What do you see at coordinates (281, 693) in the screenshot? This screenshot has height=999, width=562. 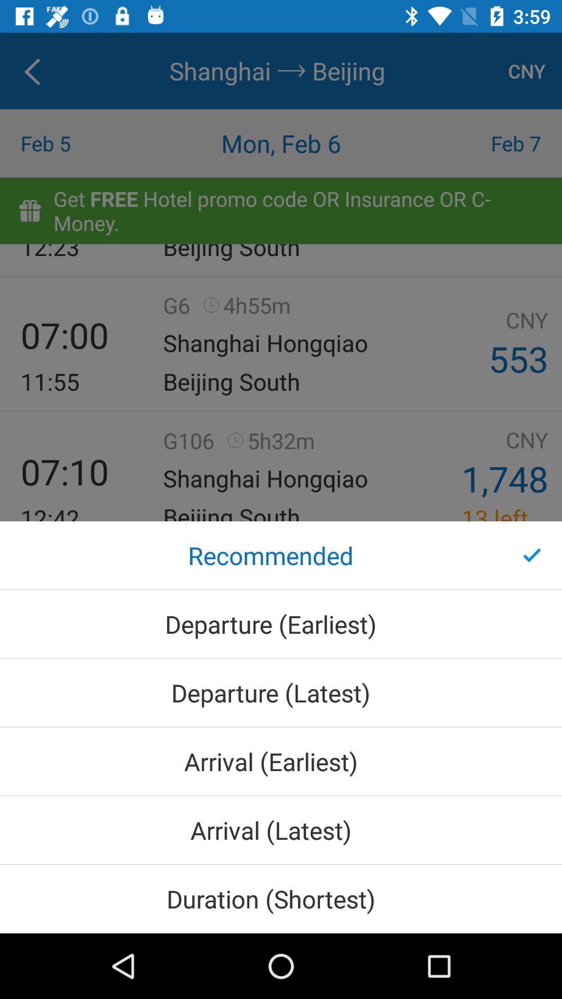 I see `departure (latest)` at bounding box center [281, 693].